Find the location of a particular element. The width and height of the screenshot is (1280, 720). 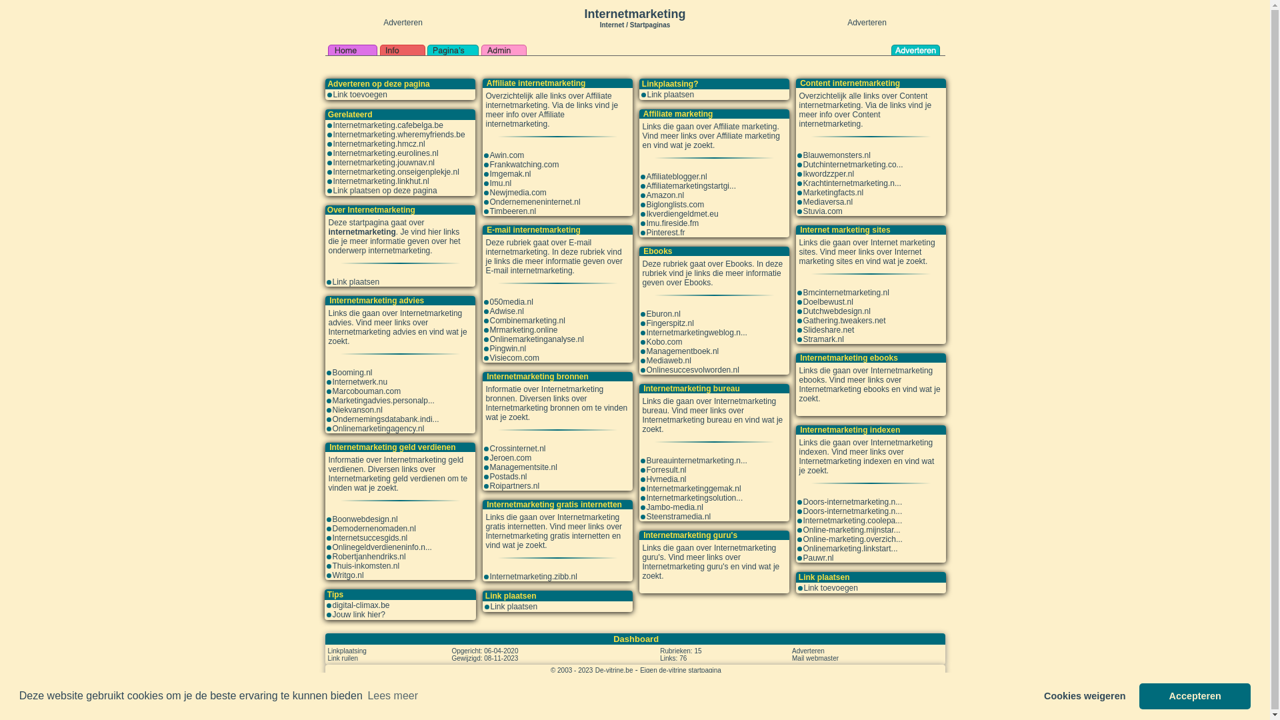

'Biglonglists.com' is located at coordinates (675, 205).